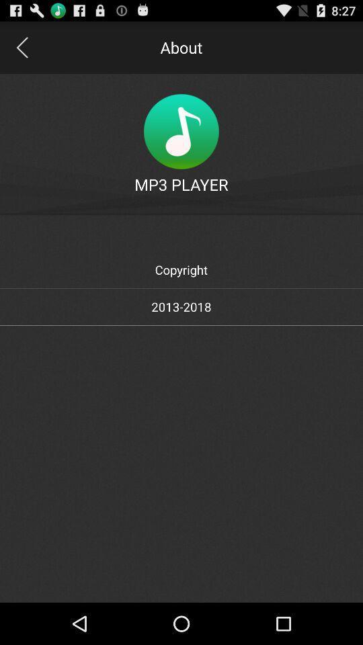 The width and height of the screenshot is (363, 645). What do you see at coordinates (21, 47) in the screenshot?
I see `go back` at bounding box center [21, 47].